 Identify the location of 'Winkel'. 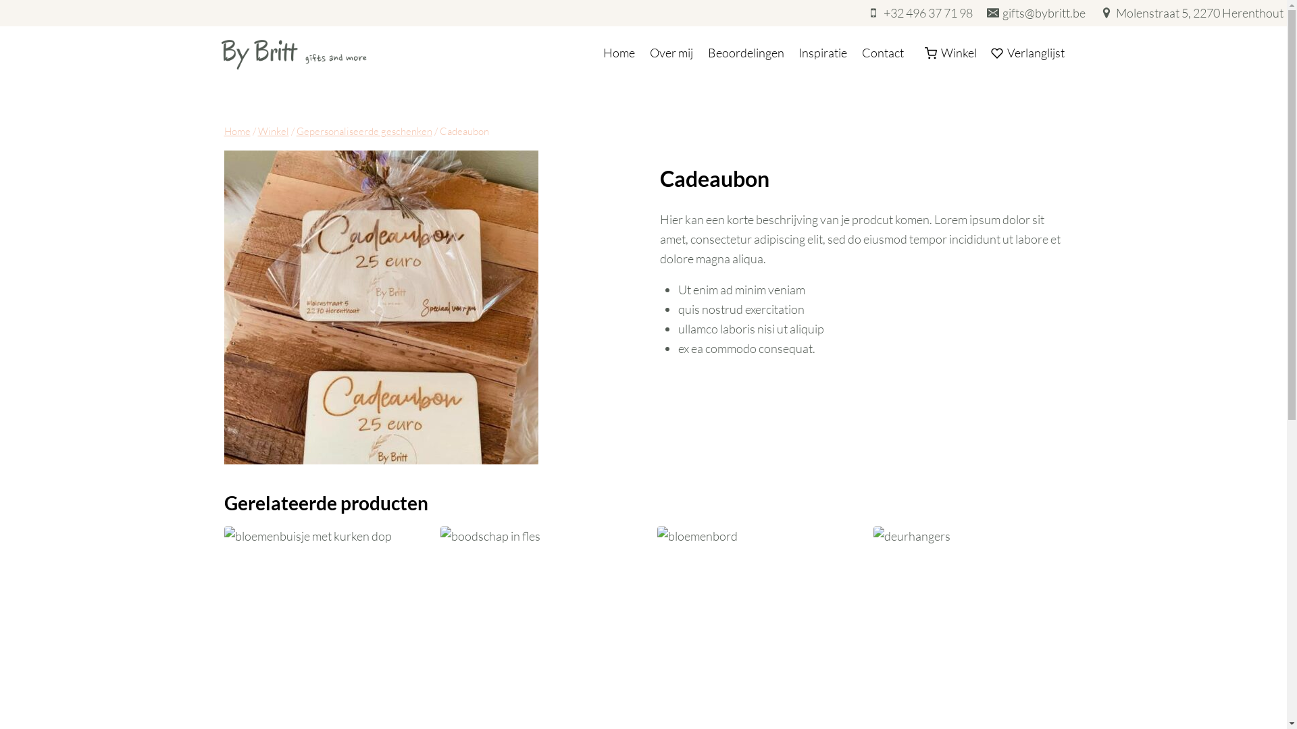
(258, 131).